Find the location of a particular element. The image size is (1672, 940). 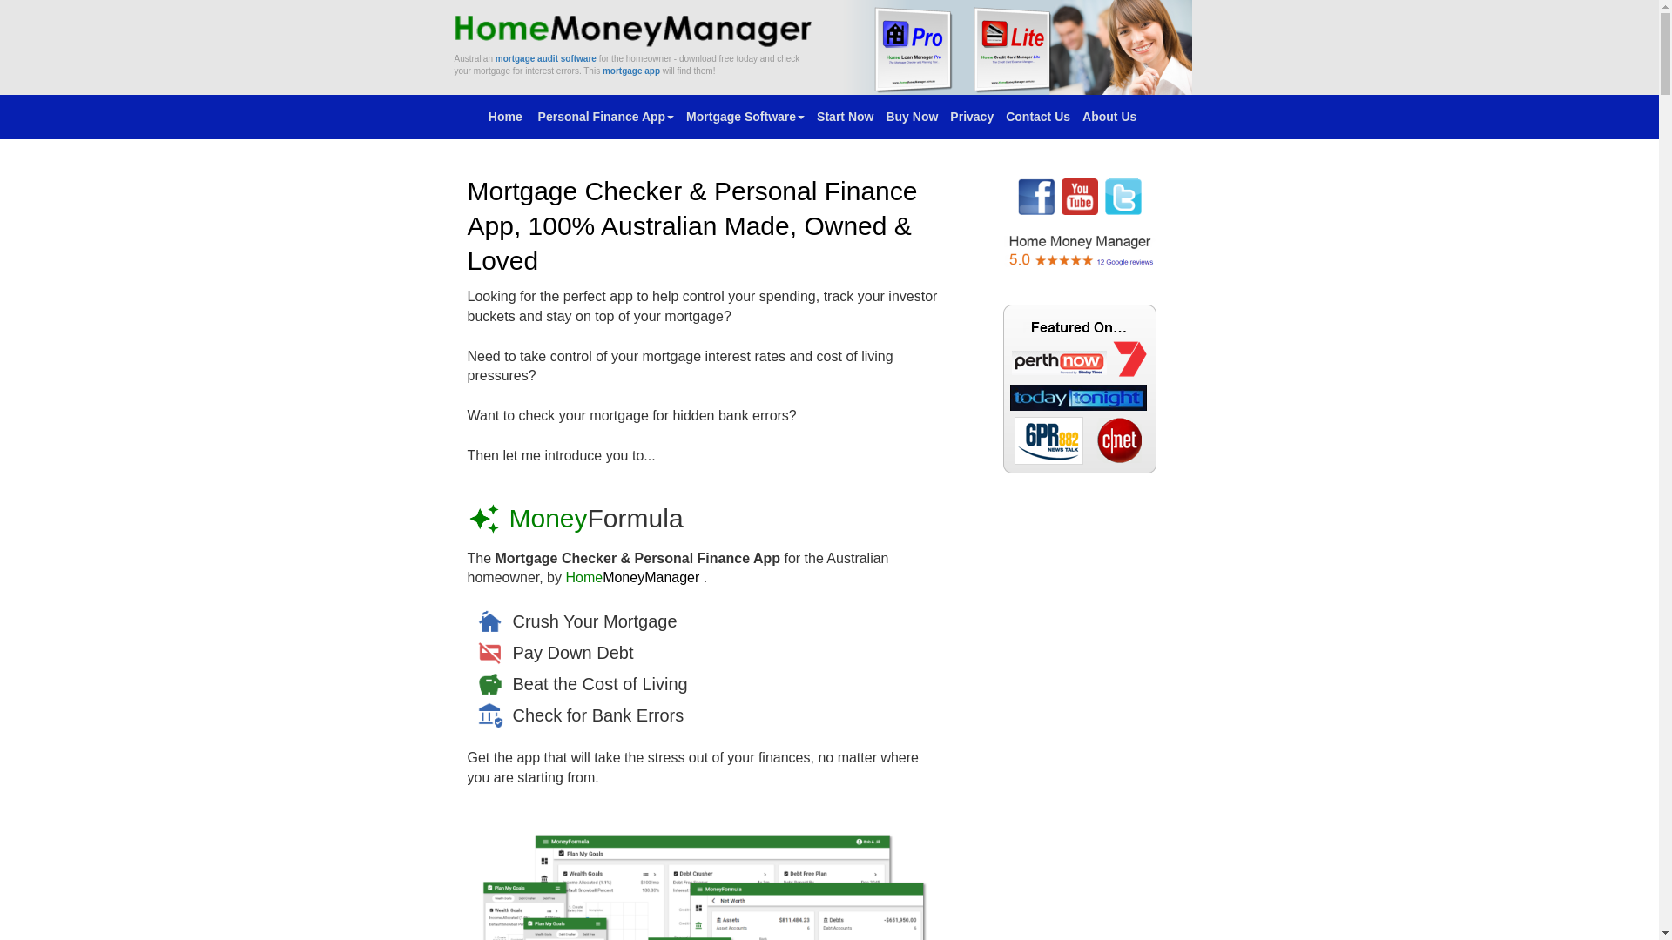

'Contact Us' is located at coordinates (1037, 117).